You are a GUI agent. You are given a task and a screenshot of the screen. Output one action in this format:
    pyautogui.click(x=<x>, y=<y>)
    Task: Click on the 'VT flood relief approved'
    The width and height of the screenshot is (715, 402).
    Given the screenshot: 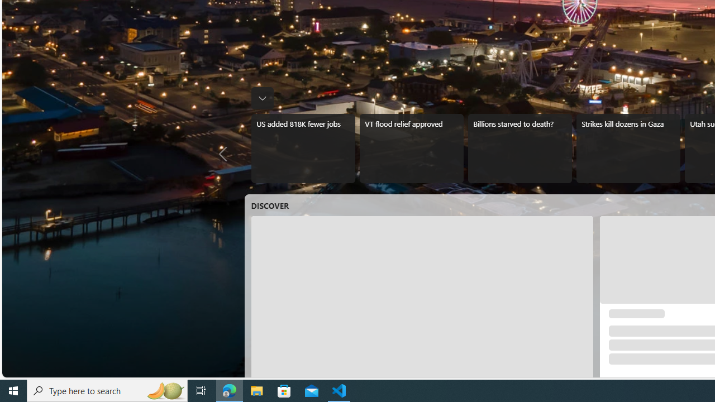 What is the action you would take?
    pyautogui.click(x=411, y=148)
    